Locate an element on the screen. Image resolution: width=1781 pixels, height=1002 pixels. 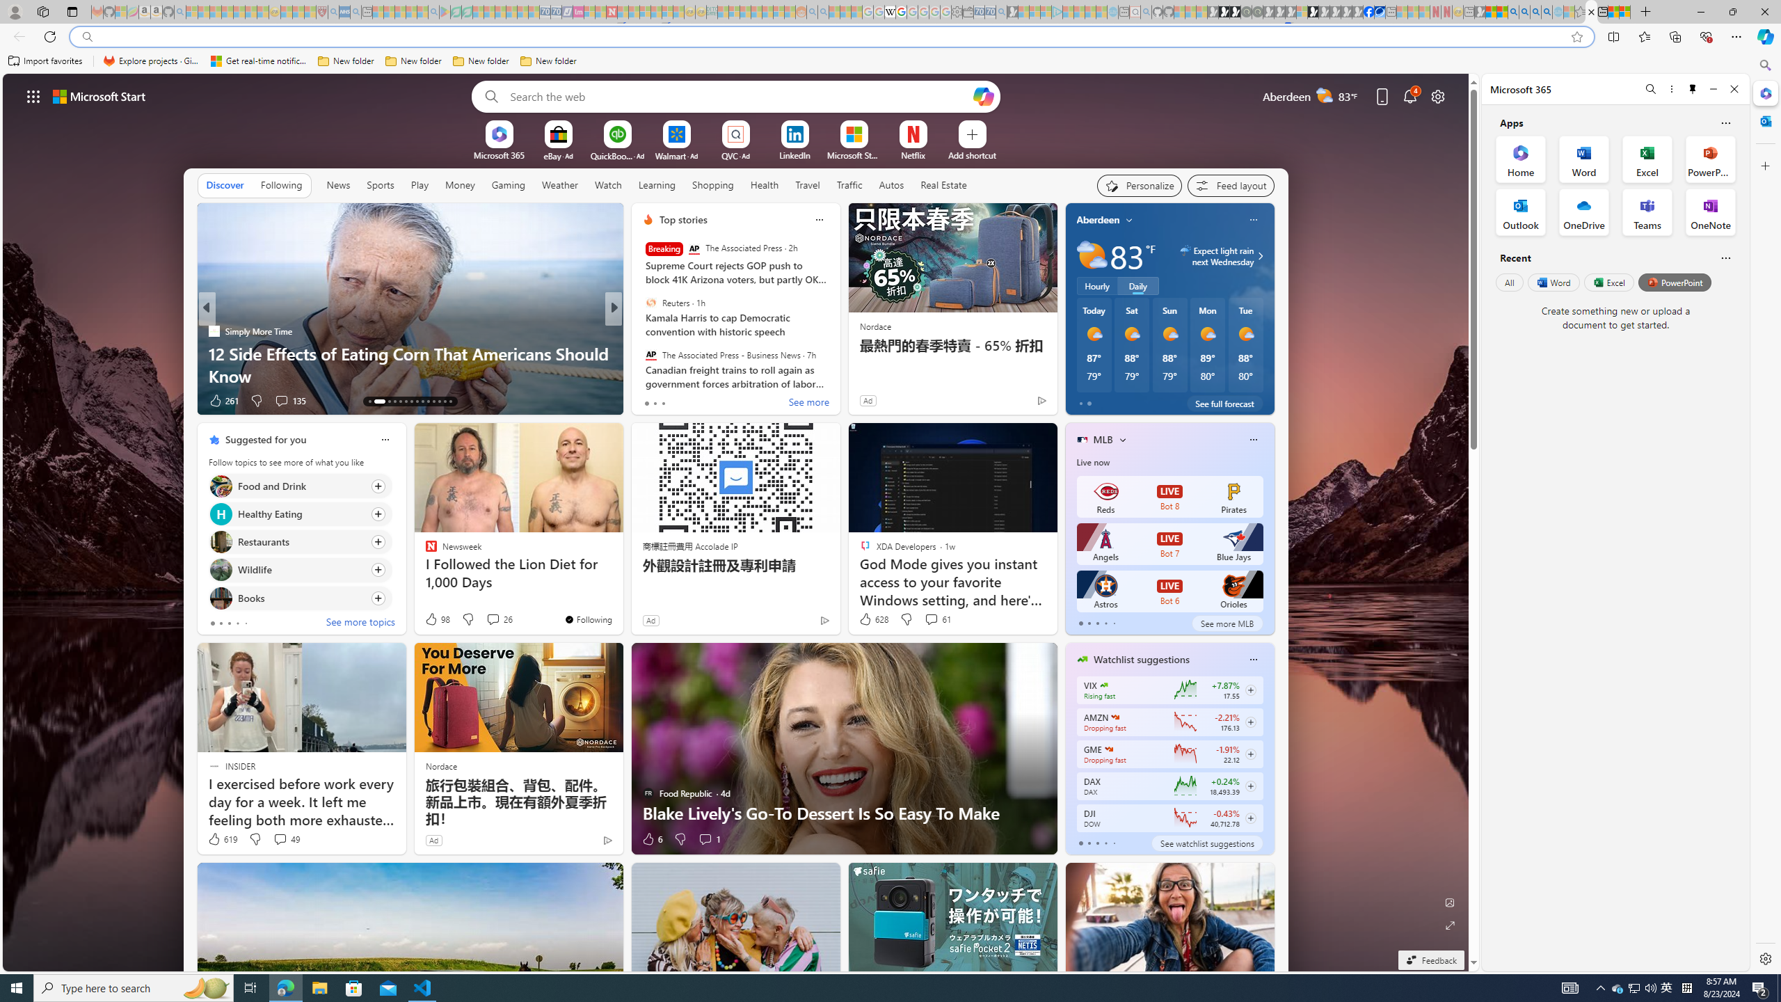
'Import favorites' is located at coordinates (45, 61).